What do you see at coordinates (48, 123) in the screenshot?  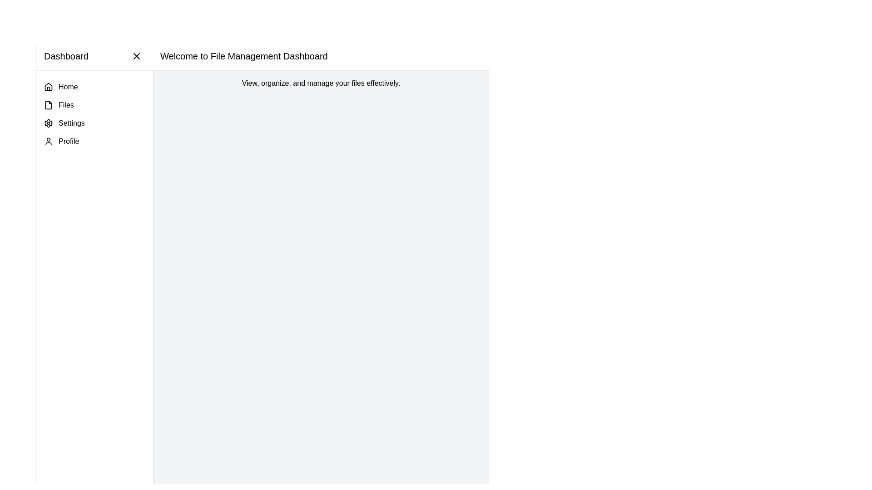 I see `the settings icon, which visually represents access to configuration options and is located adjacent to the 'Settings' text label in the sidebar menu` at bounding box center [48, 123].